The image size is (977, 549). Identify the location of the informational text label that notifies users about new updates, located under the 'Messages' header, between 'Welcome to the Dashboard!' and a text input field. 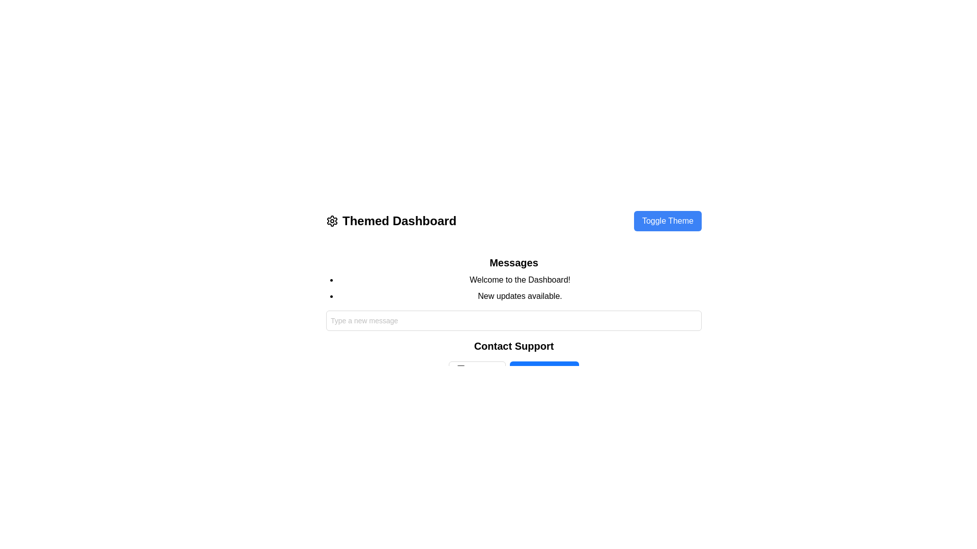
(520, 296).